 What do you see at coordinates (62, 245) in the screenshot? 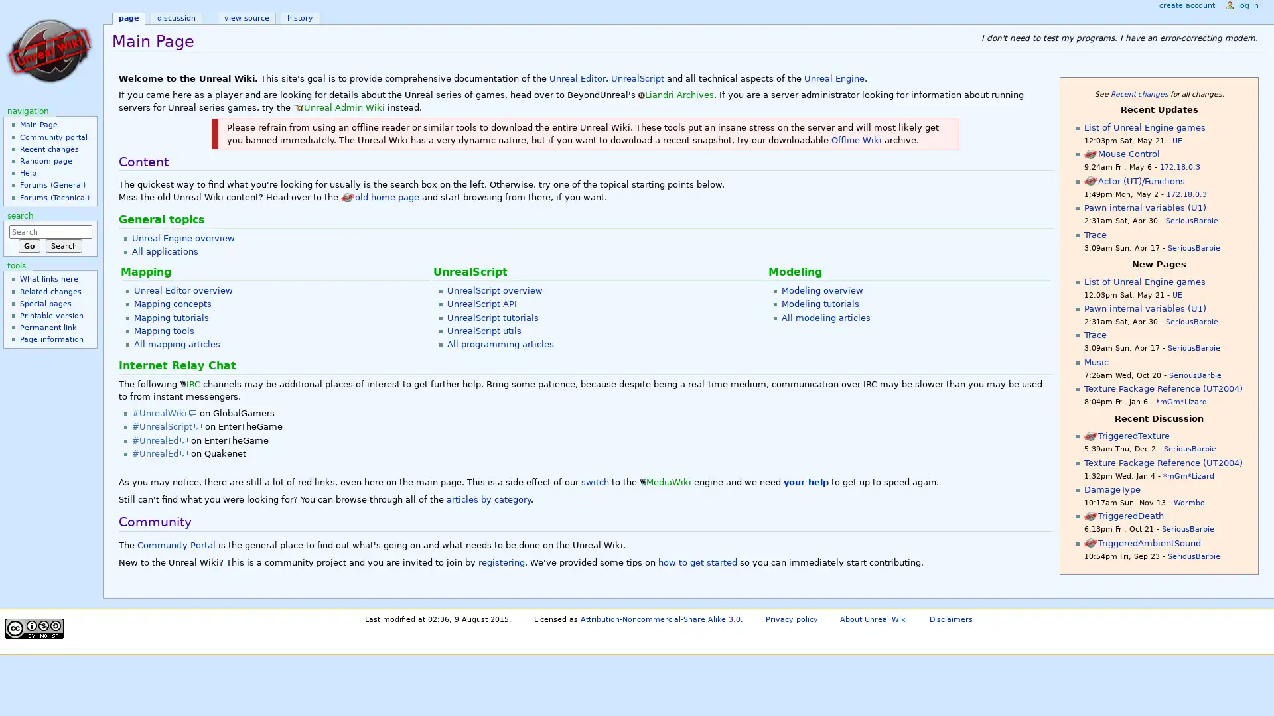
I see `Search` at bounding box center [62, 245].